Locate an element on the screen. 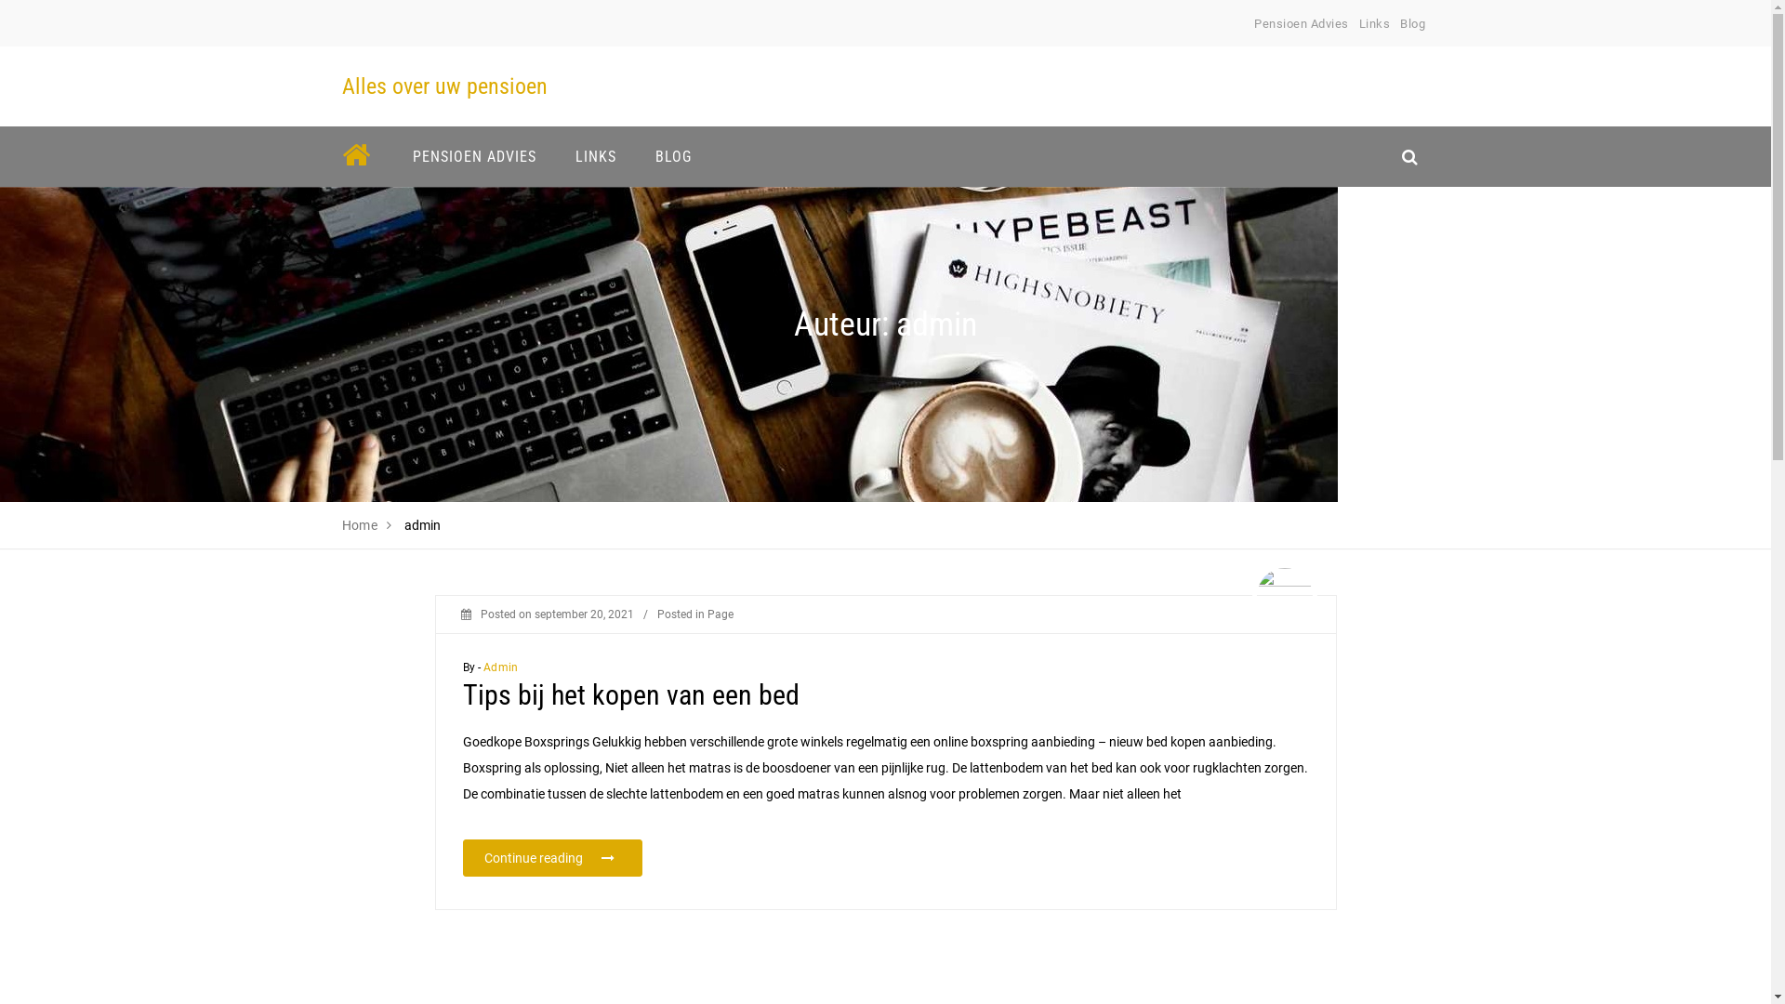  'Admin' is located at coordinates (500, 666).